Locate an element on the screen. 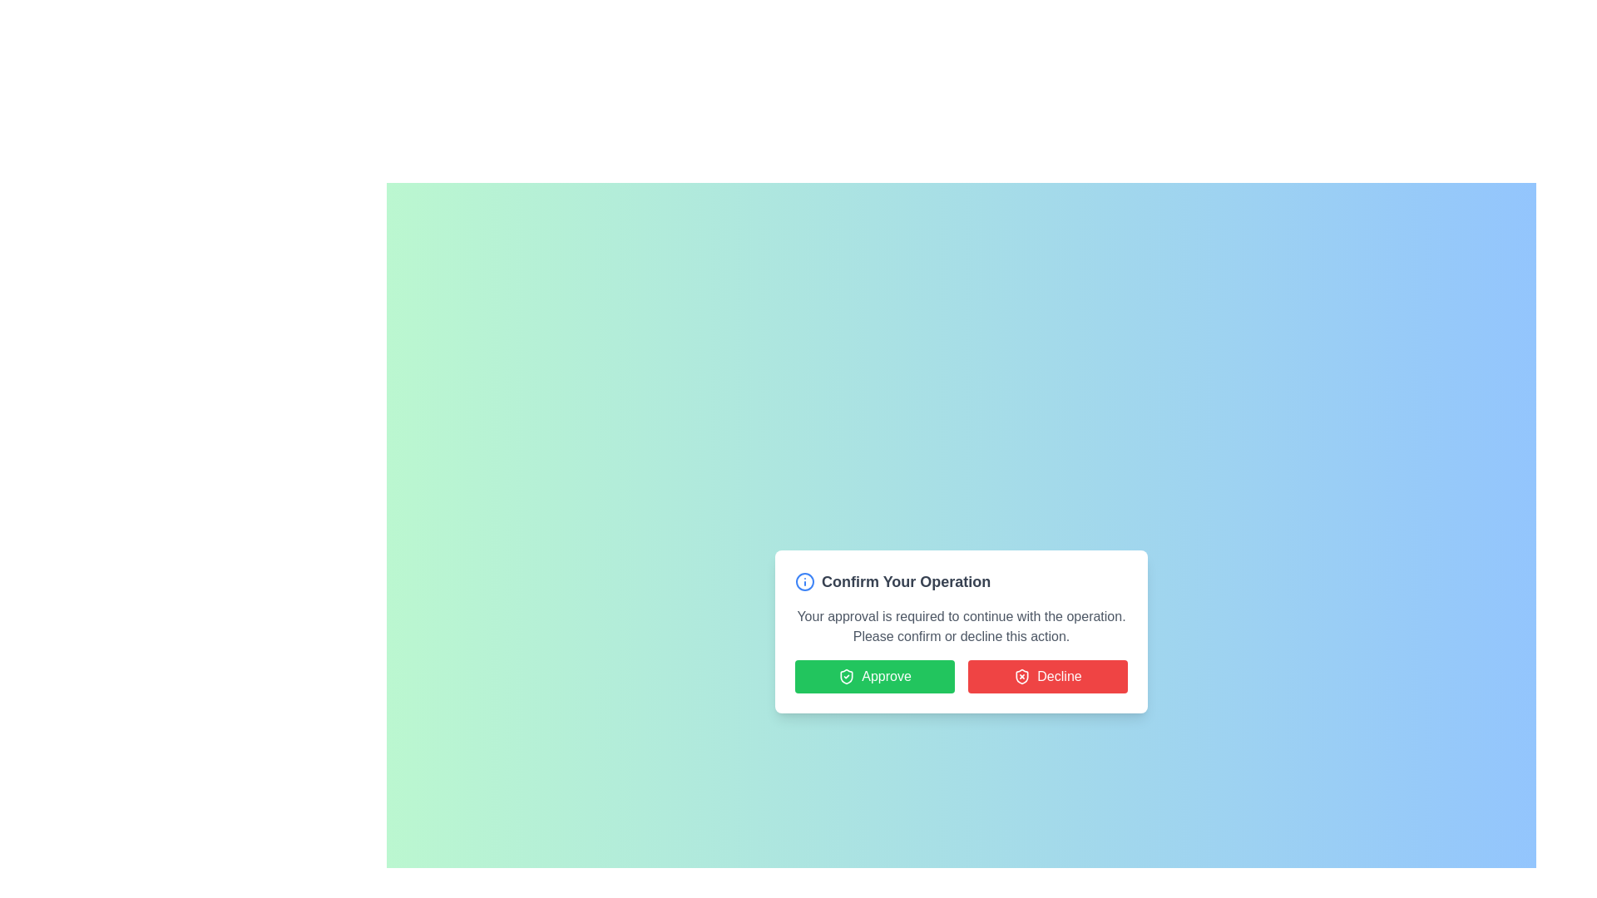  the Decorative Icon located immediately to the left of the title text 'Confirm Your Operation' in the confirmation dialog box is located at coordinates (805, 580).